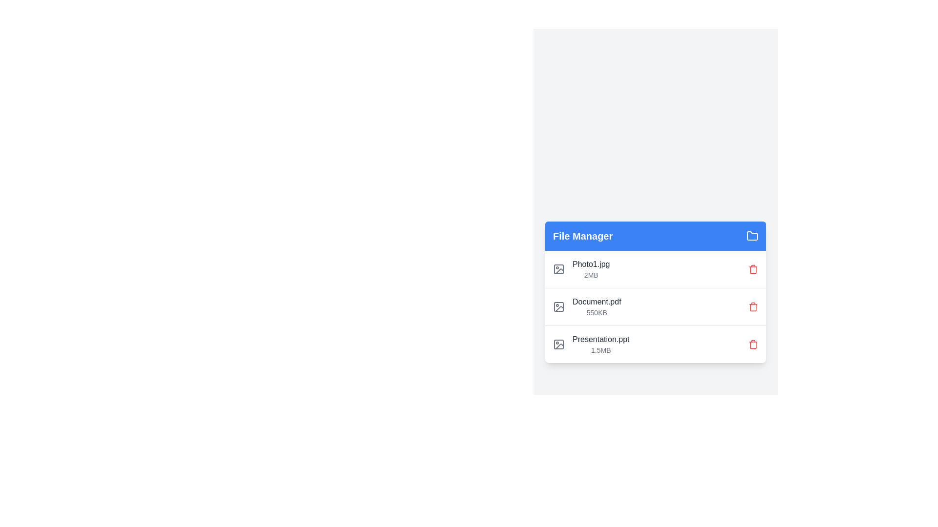 Image resolution: width=938 pixels, height=527 pixels. Describe the element at coordinates (586, 306) in the screenshot. I see `to select the list item labeled 'Document.pdf' in the File Manager panel, which is the second entry in the list of files` at that location.